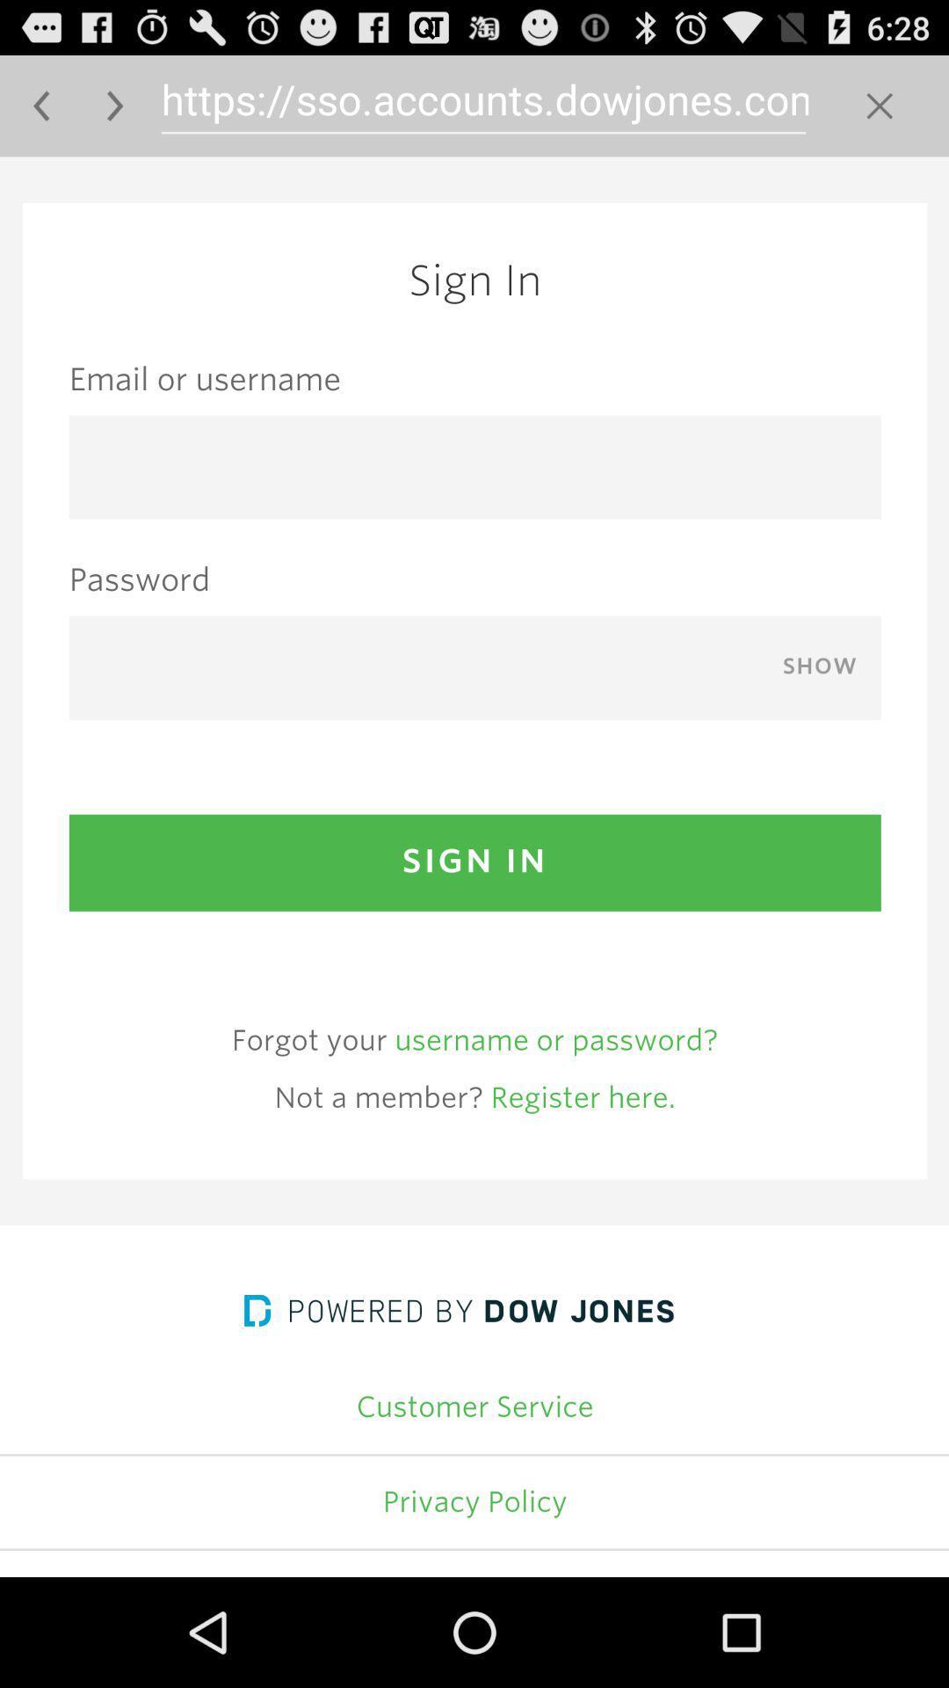  What do you see at coordinates (880, 105) in the screenshot?
I see `clear address bar` at bounding box center [880, 105].